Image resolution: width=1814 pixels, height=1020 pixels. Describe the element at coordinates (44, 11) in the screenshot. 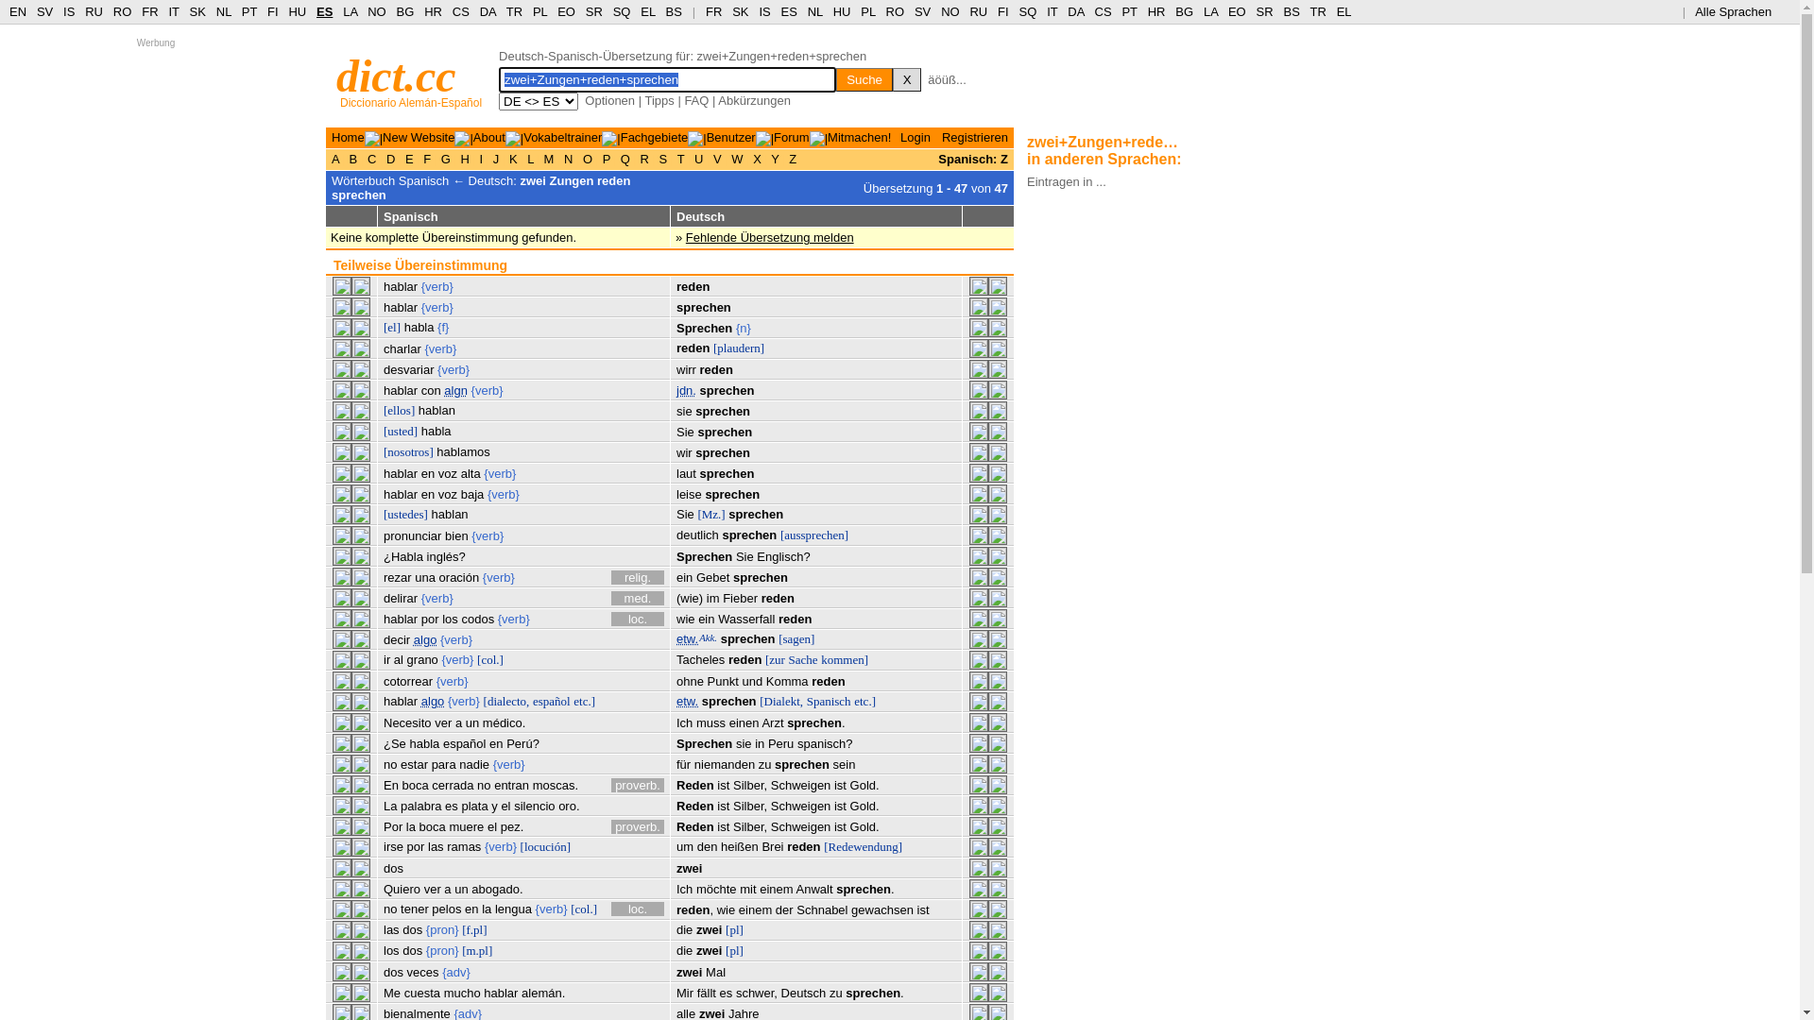

I see `'SV'` at that location.